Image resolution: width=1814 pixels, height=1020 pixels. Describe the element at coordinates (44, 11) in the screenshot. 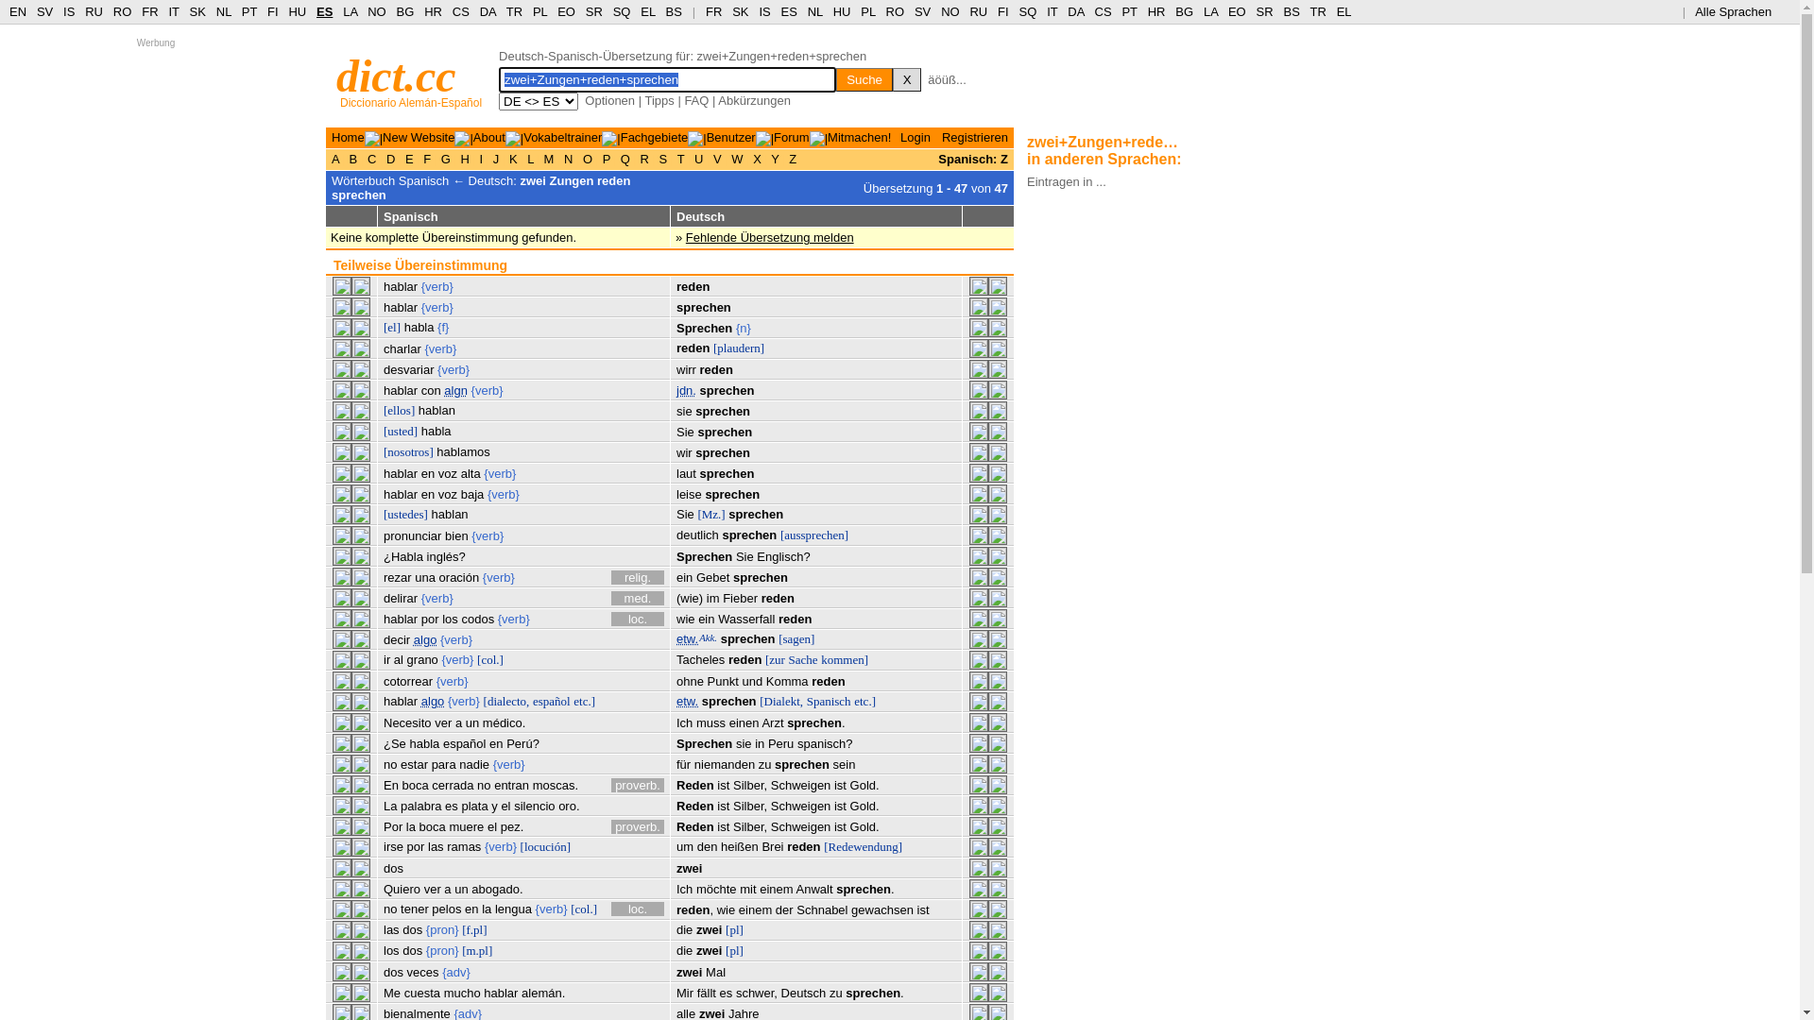

I see `'SV'` at that location.